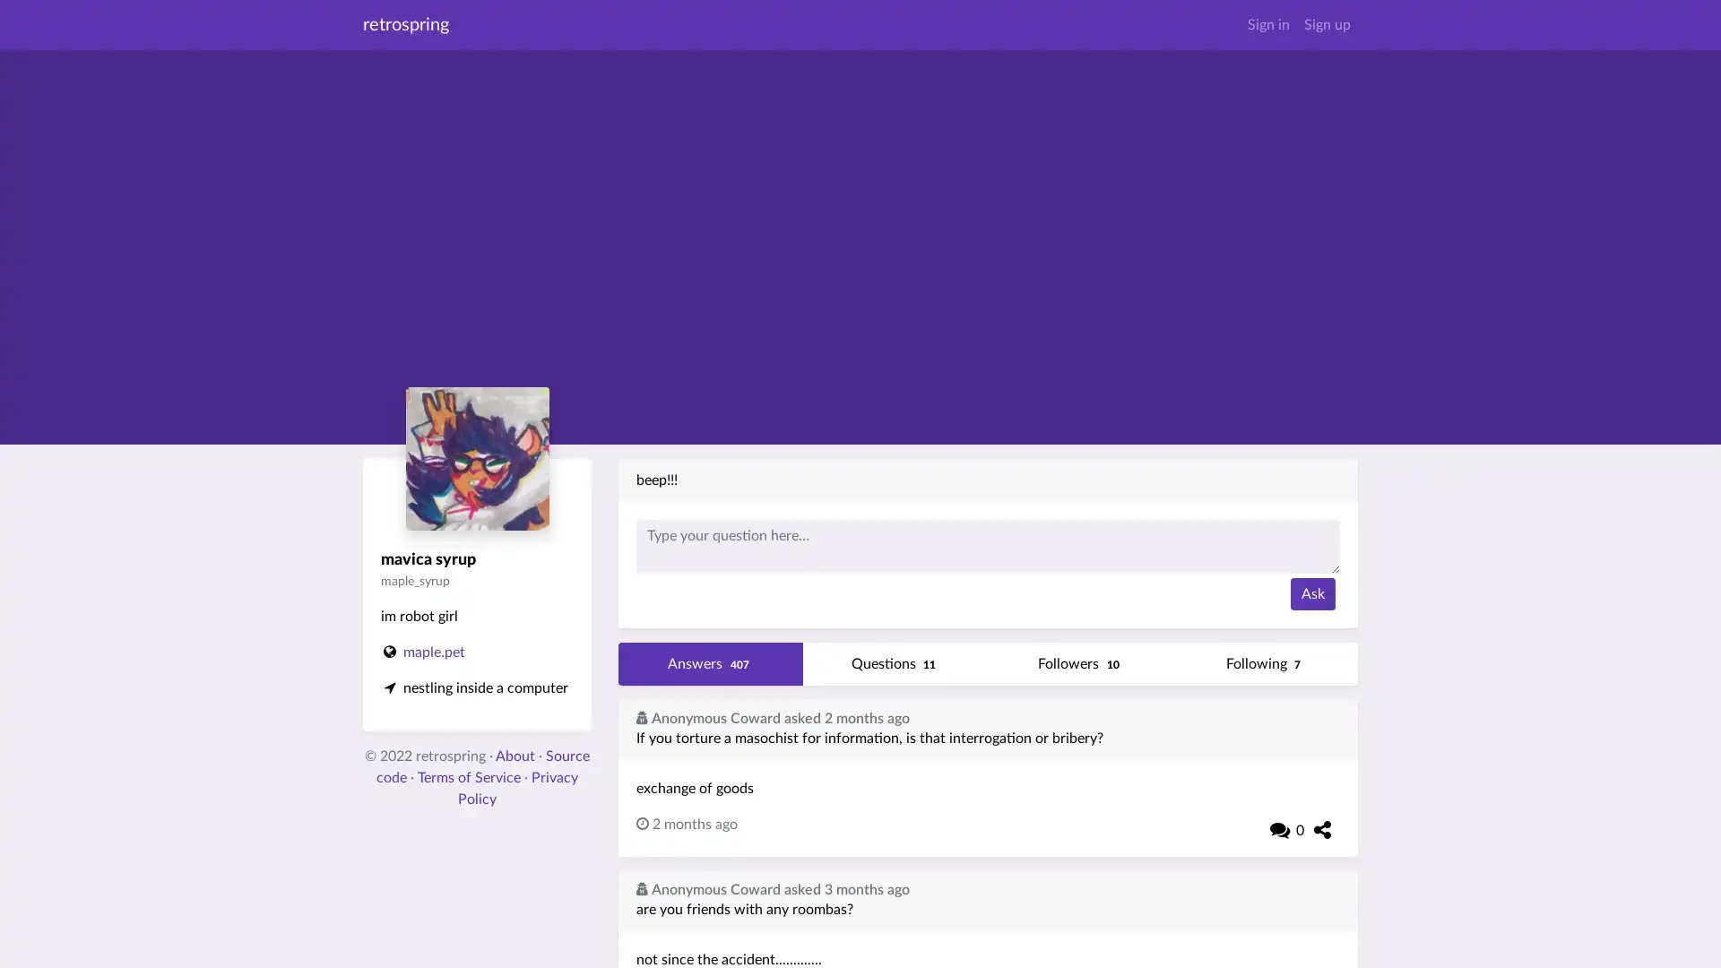 The image size is (1721, 968). Describe the element at coordinates (1312, 594) in the screenshot. I see `Ask` at that location.